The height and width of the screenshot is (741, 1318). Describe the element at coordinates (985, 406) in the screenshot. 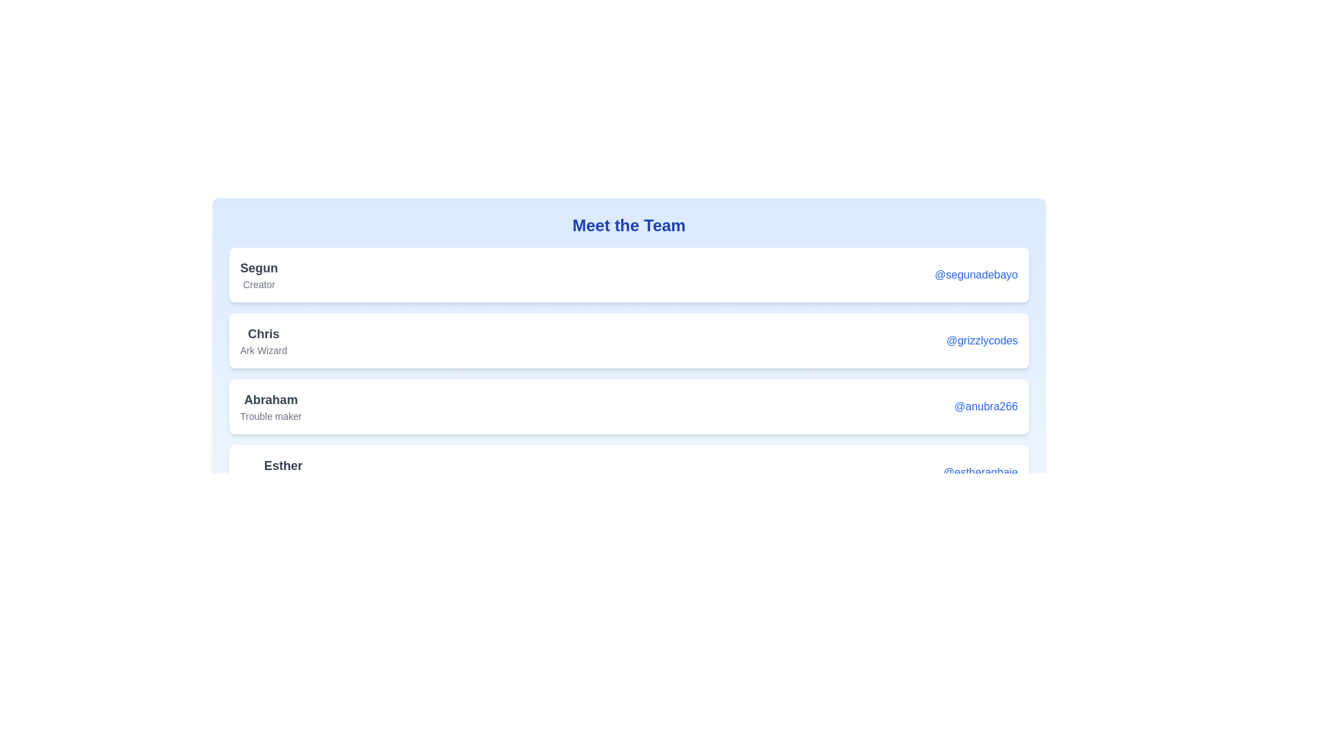

I see `the hyperlink '@anubra266' located at the right edge of the third card in the vertically arranged list` at that location.